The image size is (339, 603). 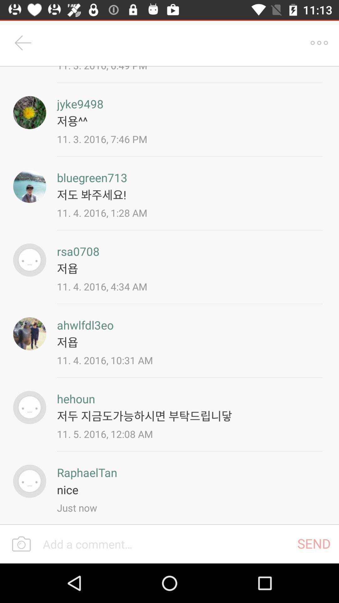 I want to click on profile symbol, so click(x=30, y=333).